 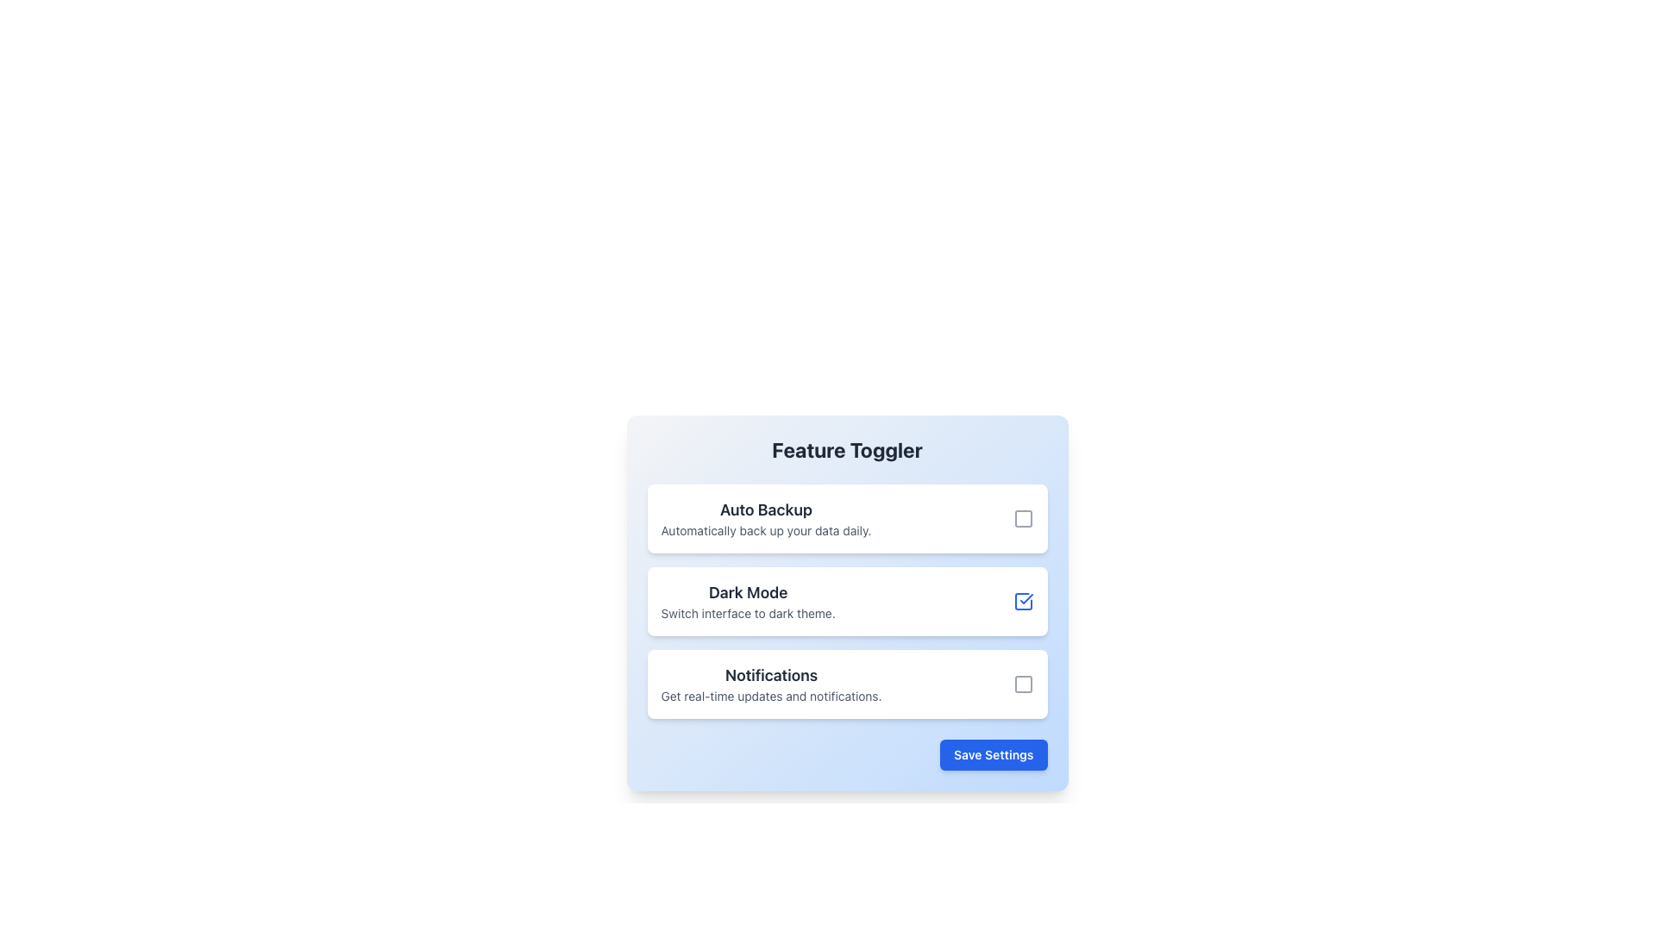 I want to click on the individual toggles within the 'Feature Toggler' section, so click(x=847, y=602).